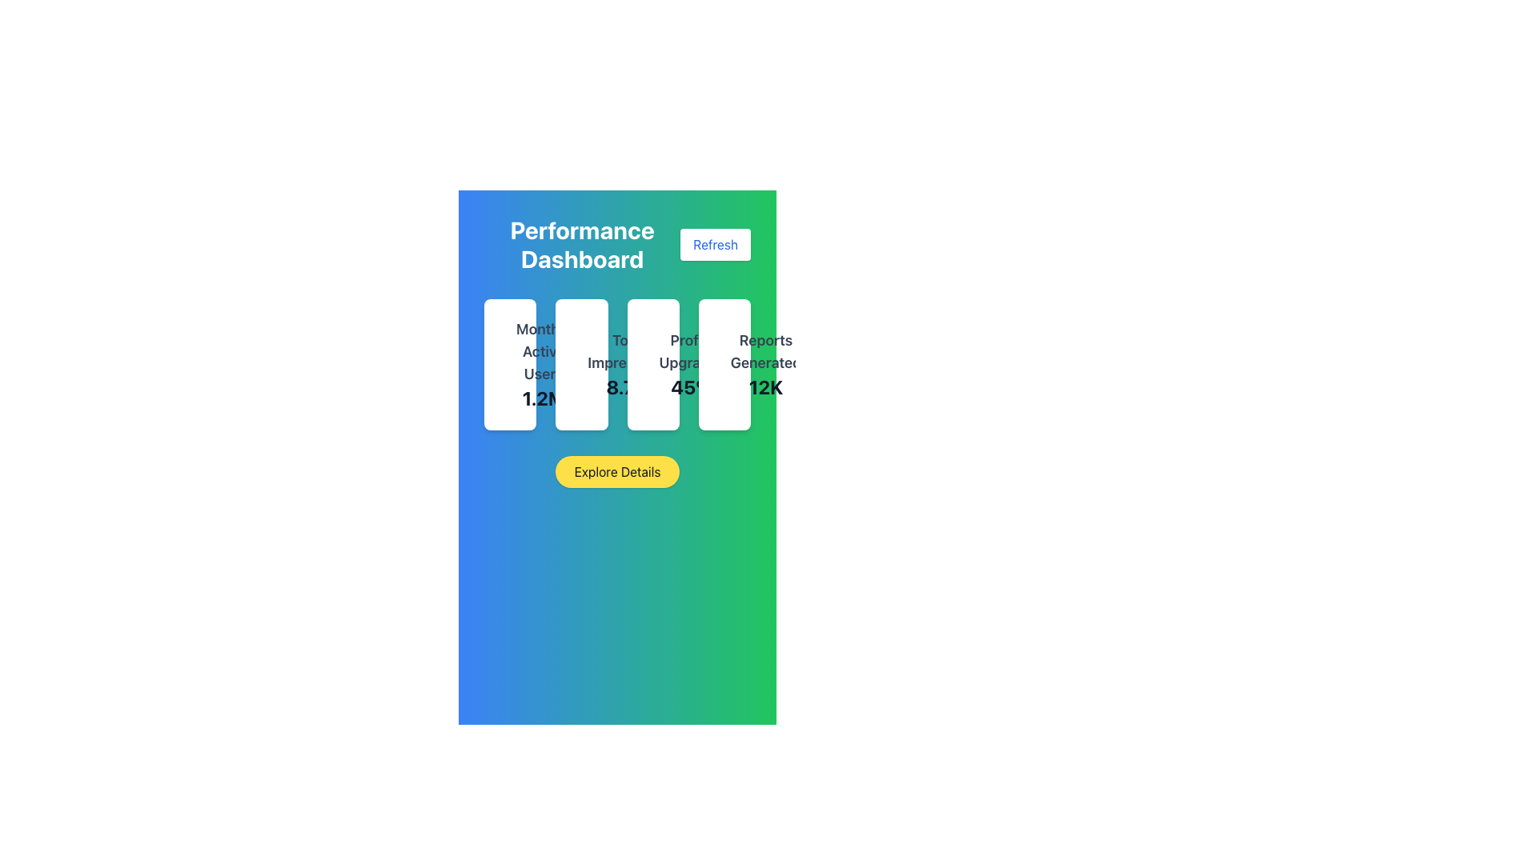 The image size is (1537, 864). I want to click on the refresh button in the top-right corner of the performance dashboard, so click(715, 244).